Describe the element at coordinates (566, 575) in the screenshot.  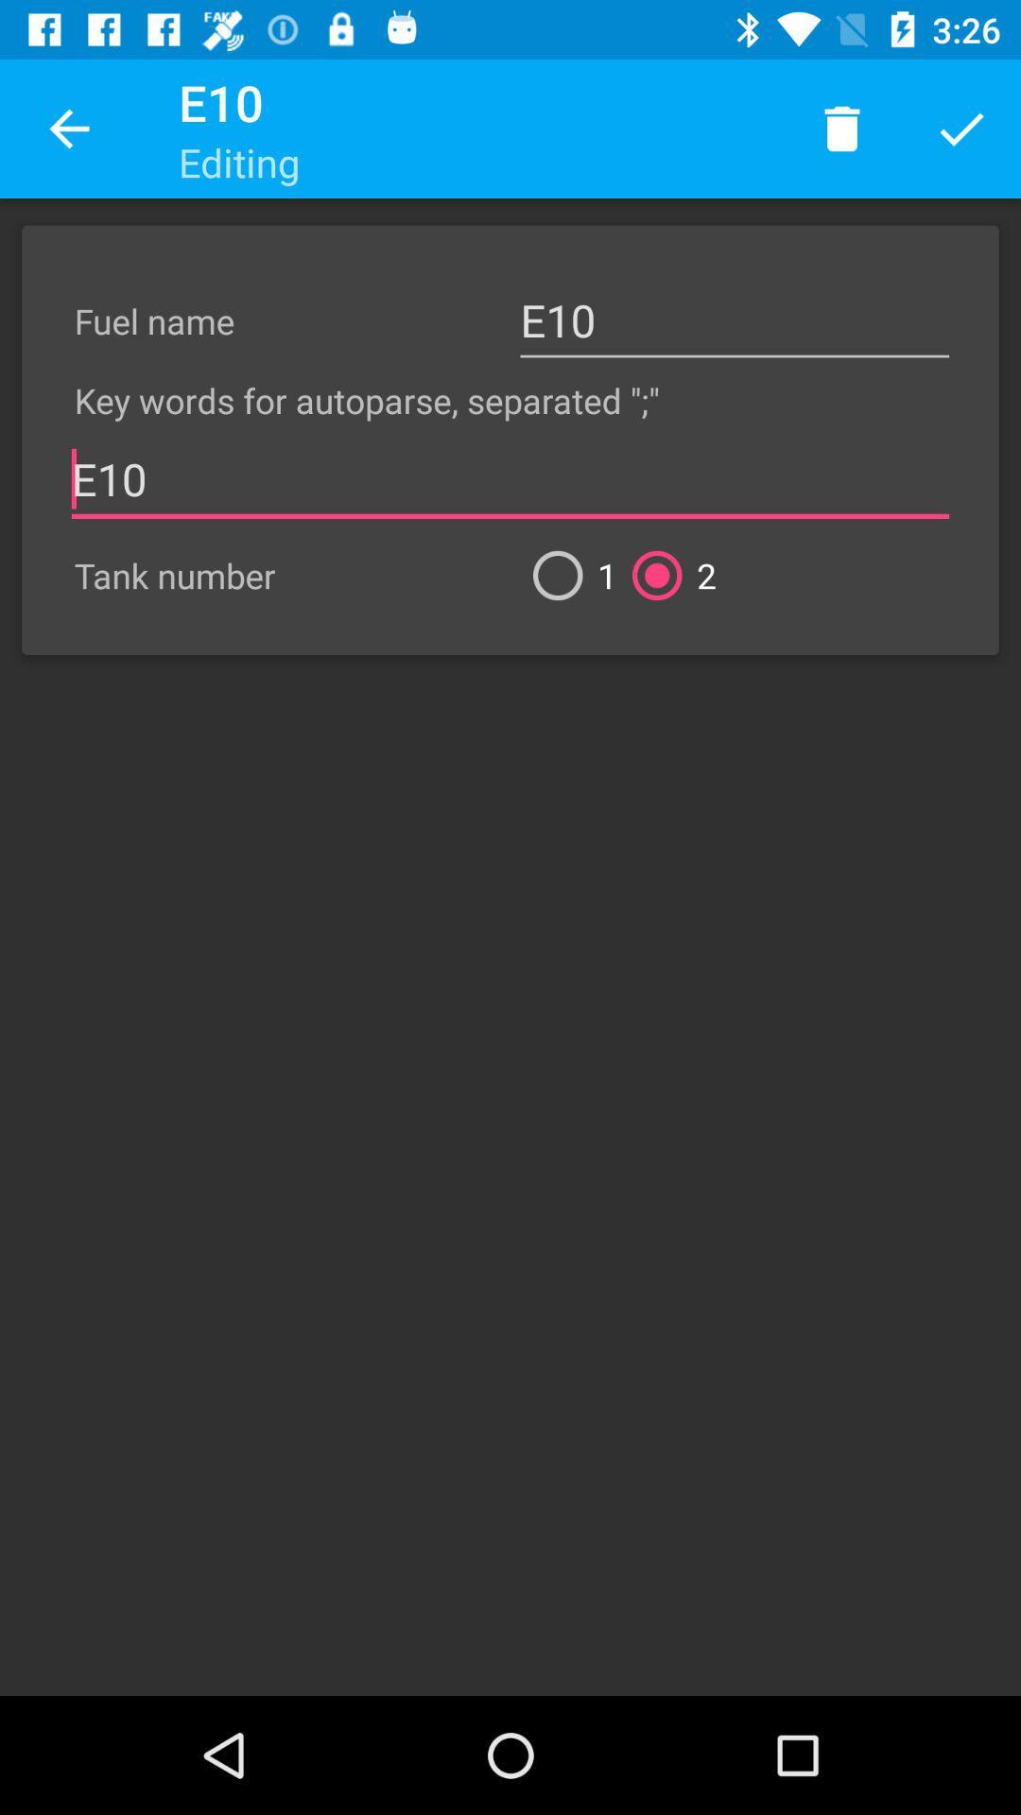
I see `item next to the tank number` at that location.